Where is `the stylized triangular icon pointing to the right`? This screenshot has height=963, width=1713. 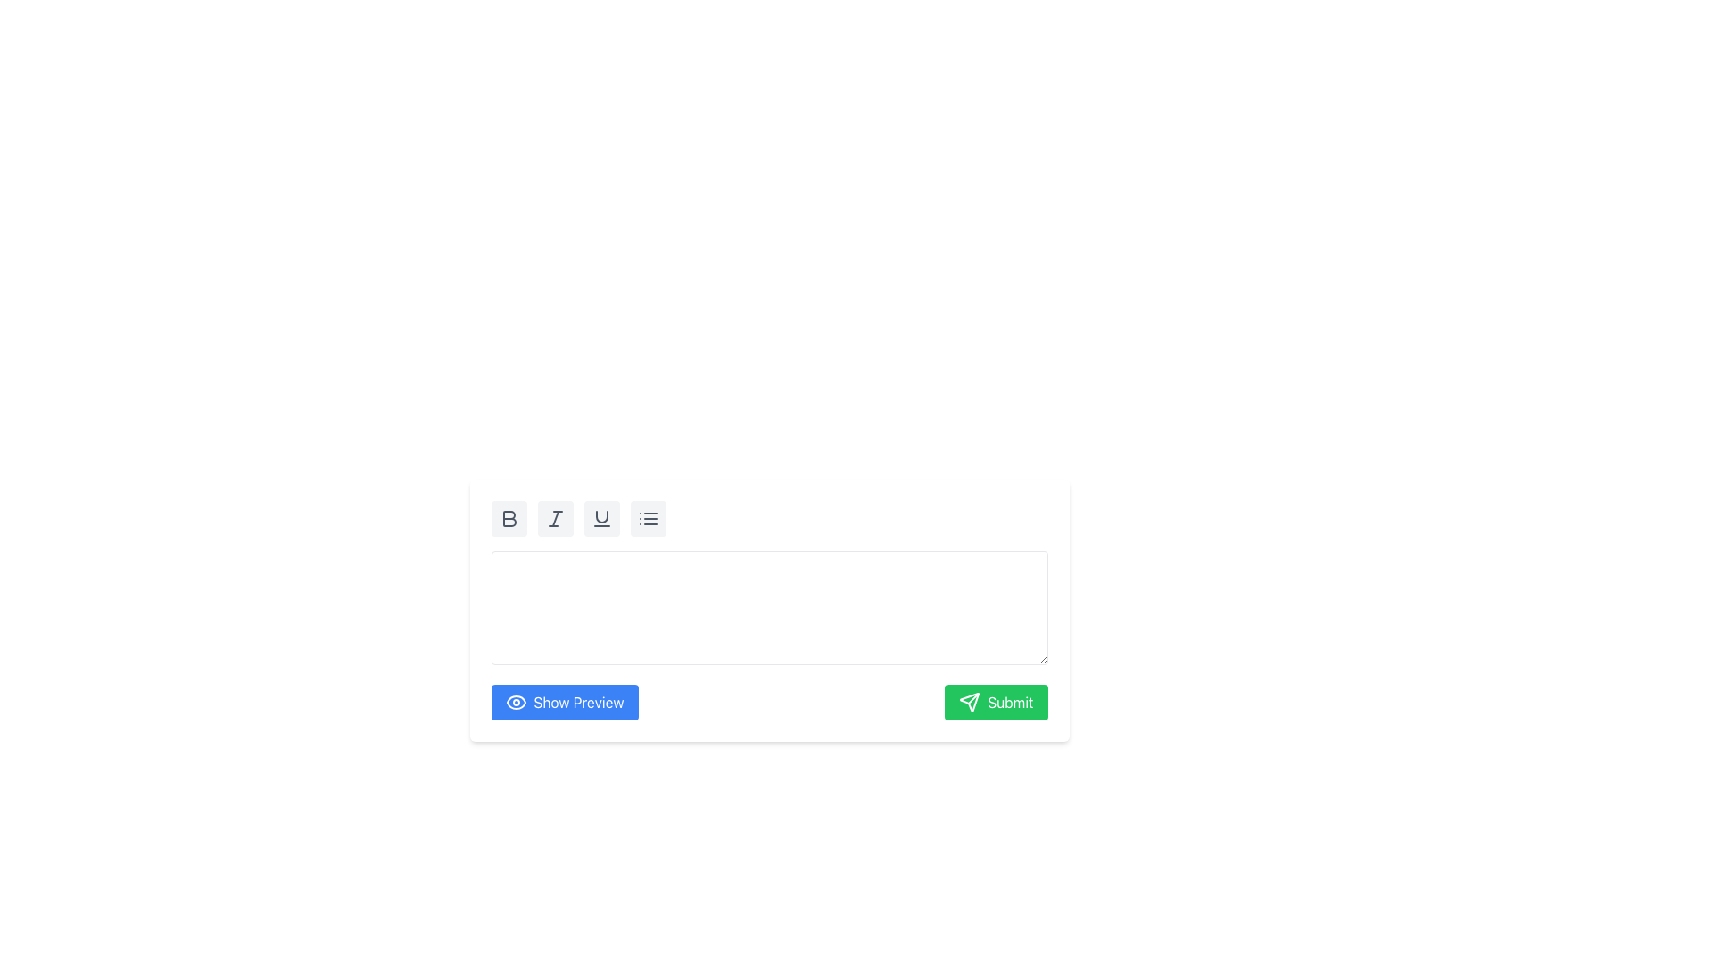
the stylized triangular icon pointing to the right is located at coordinates (969, 701).